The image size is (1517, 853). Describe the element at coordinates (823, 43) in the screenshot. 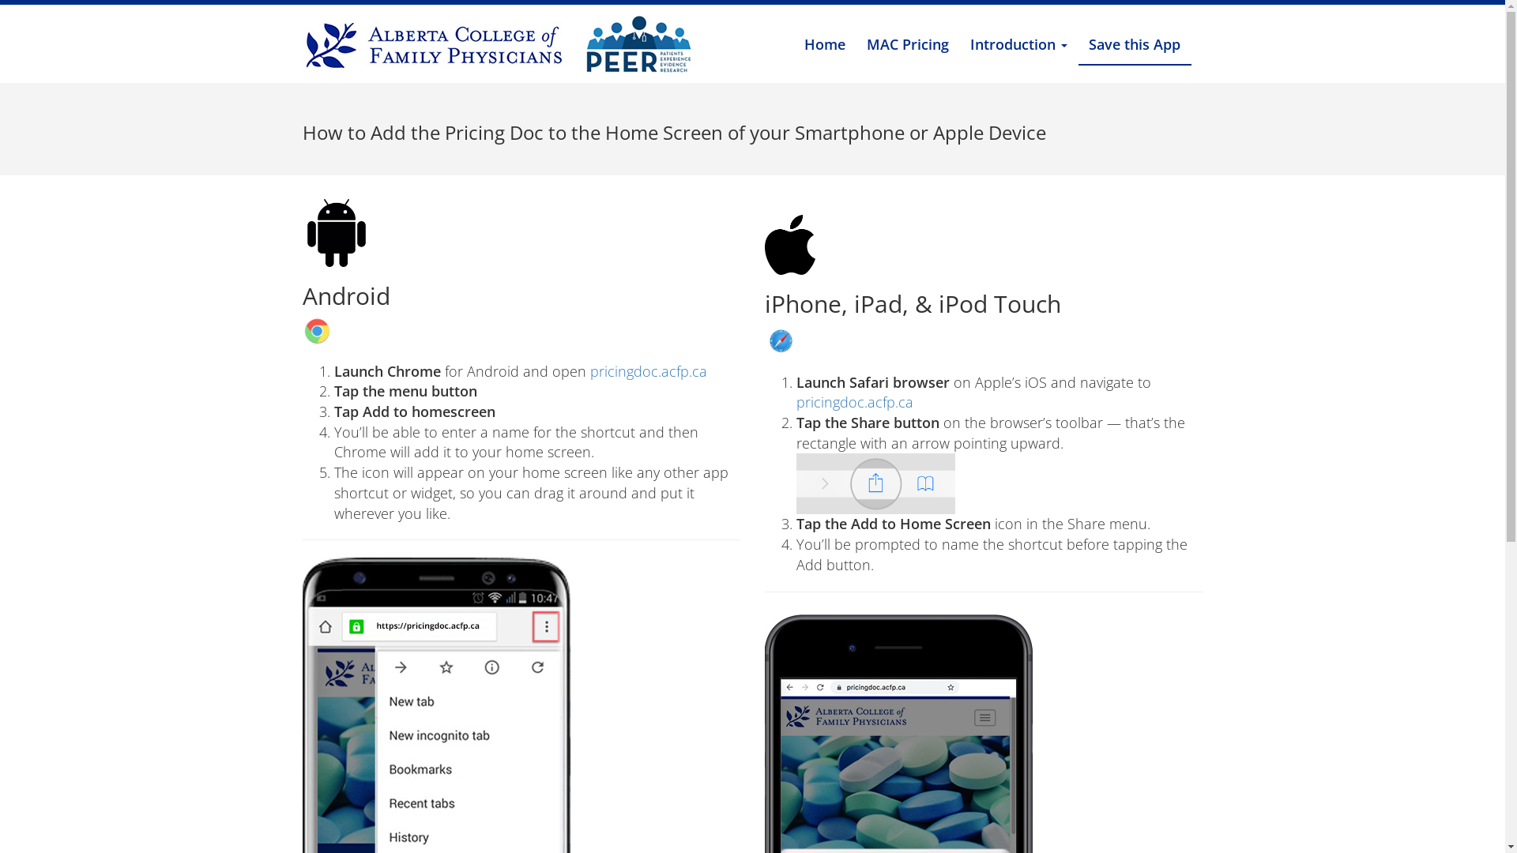

I see `'Home'` at that location.